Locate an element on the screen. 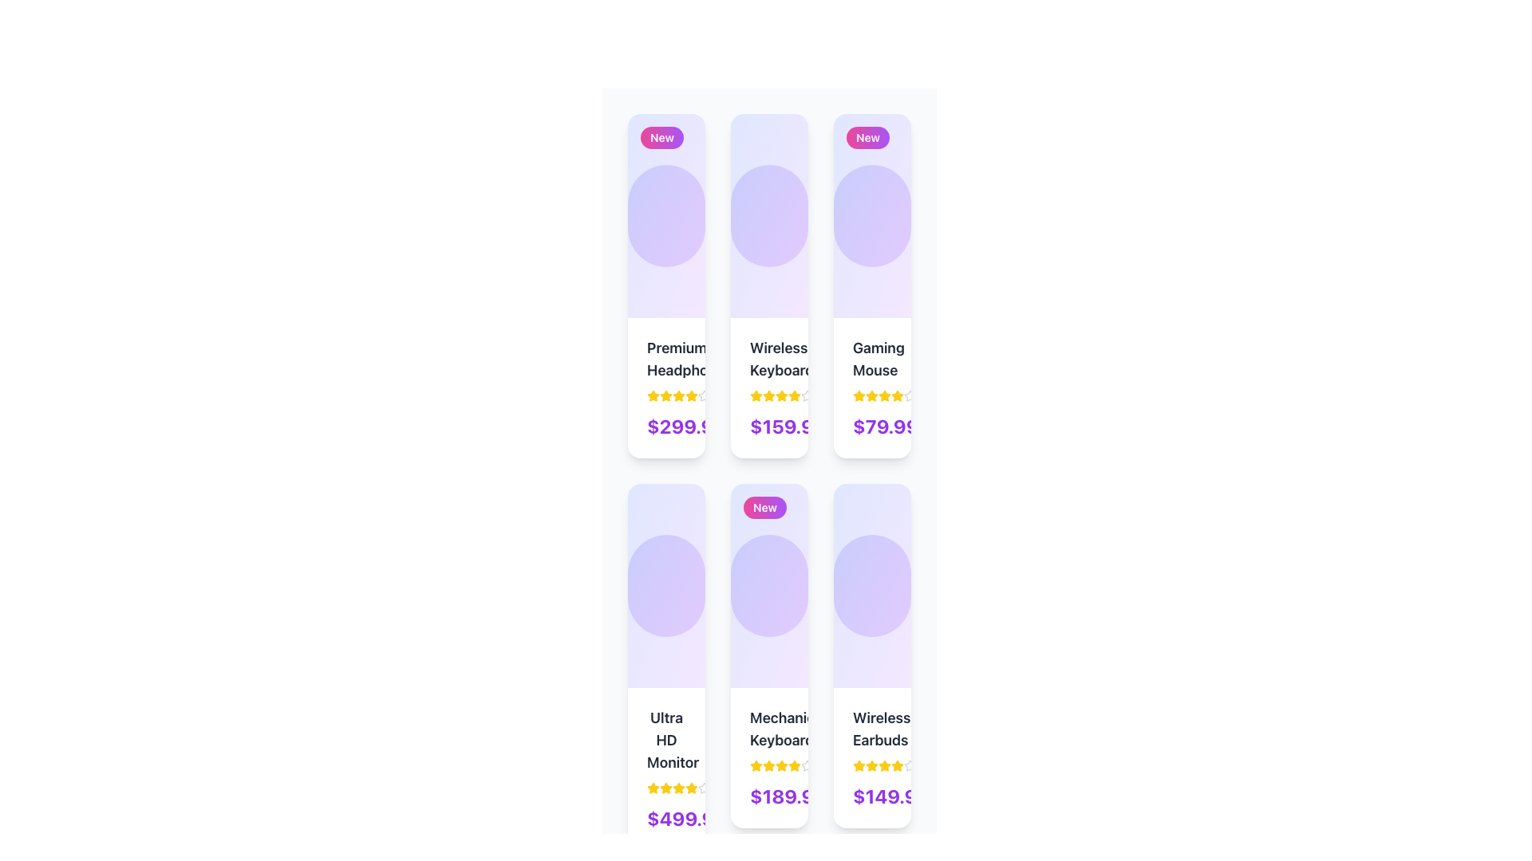  the Star icon in the rating UI component located in the third product card of the top row is located at coordinates (858, 395).